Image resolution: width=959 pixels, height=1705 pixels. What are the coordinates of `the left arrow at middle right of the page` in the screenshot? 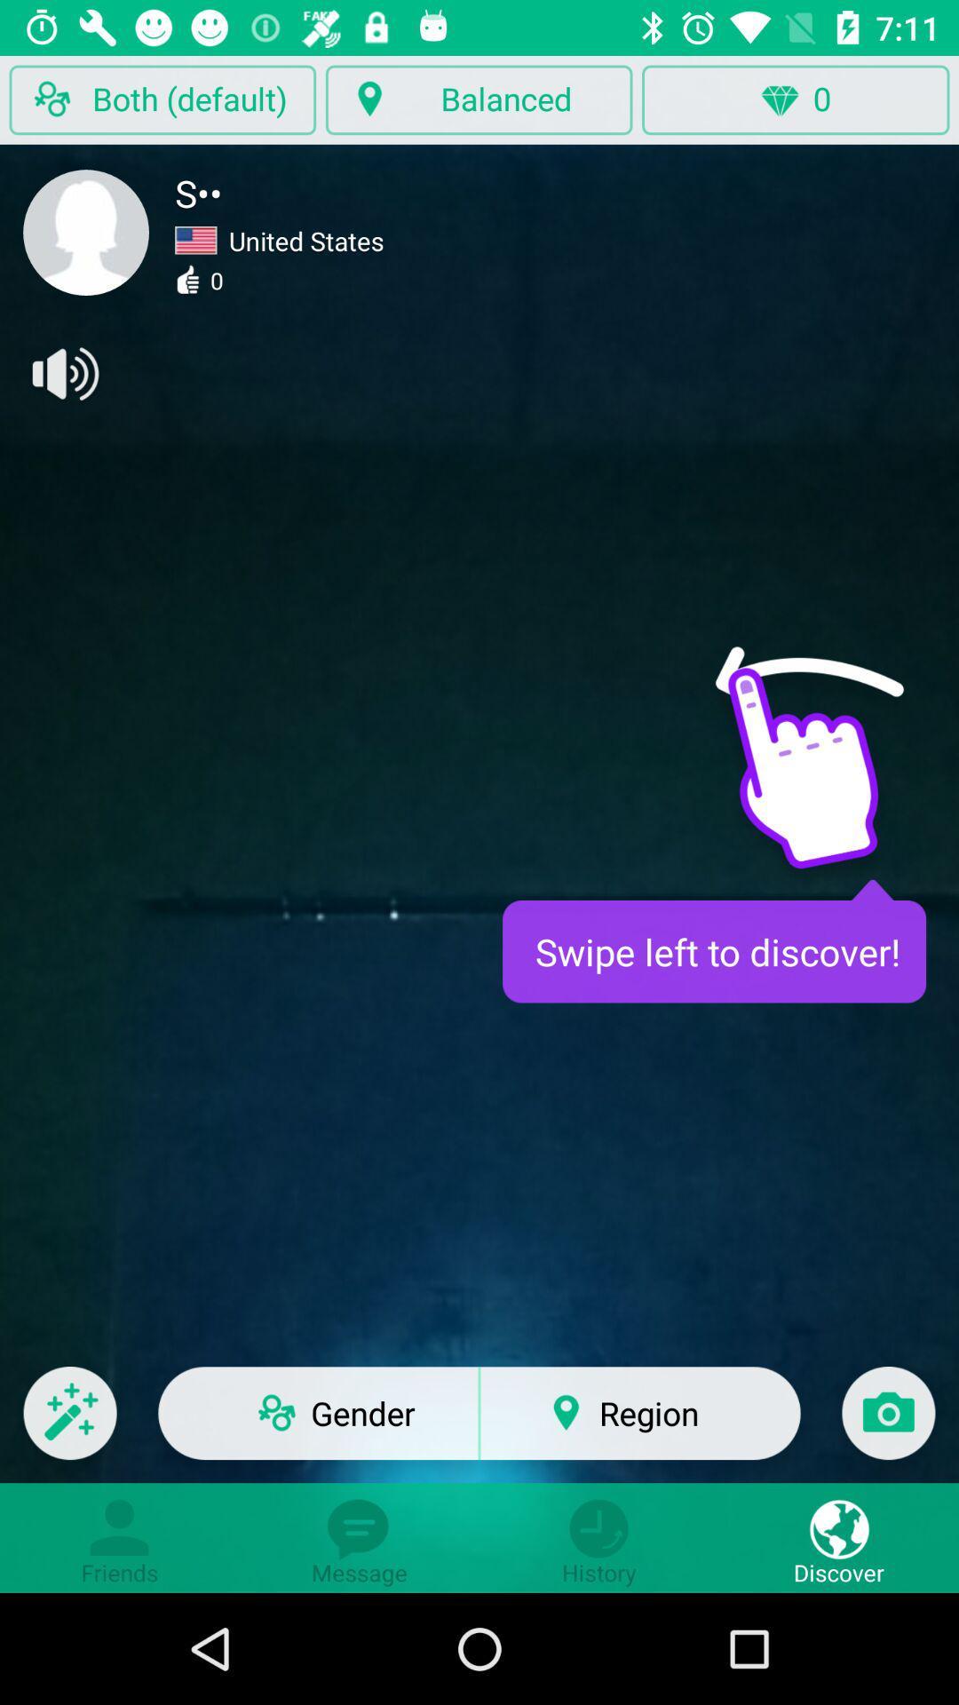 It's located at (809, 687).